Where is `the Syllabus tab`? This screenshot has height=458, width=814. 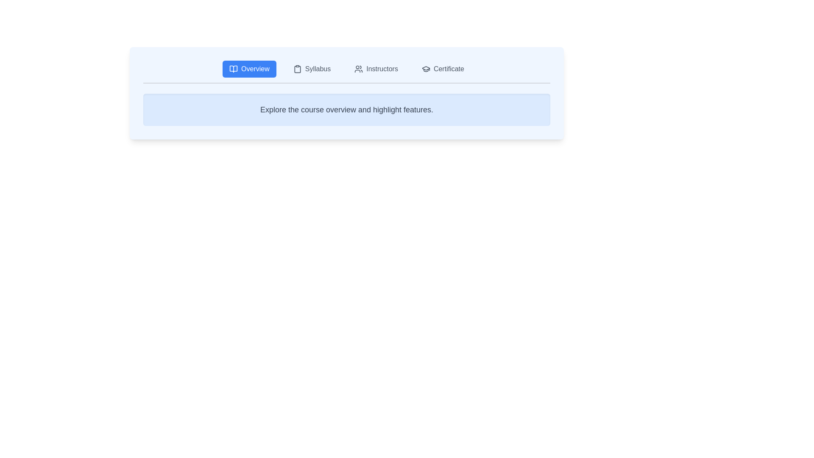
the Syllabus tab is located at coordinates (311, 68).